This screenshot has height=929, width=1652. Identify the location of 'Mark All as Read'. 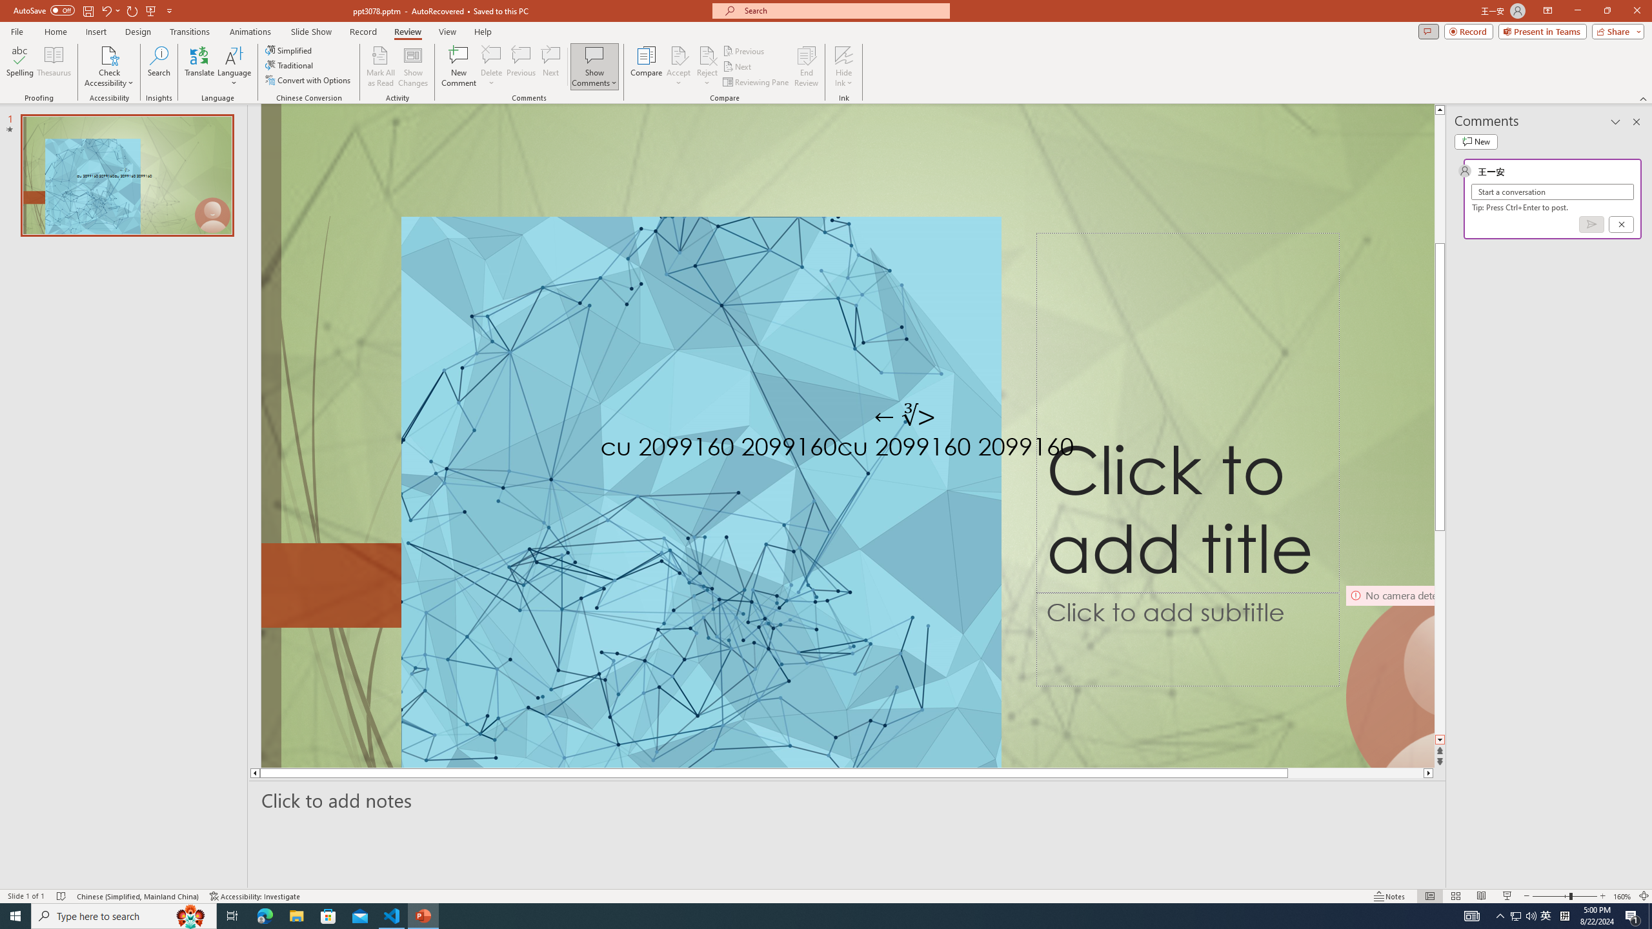
(381, 66).